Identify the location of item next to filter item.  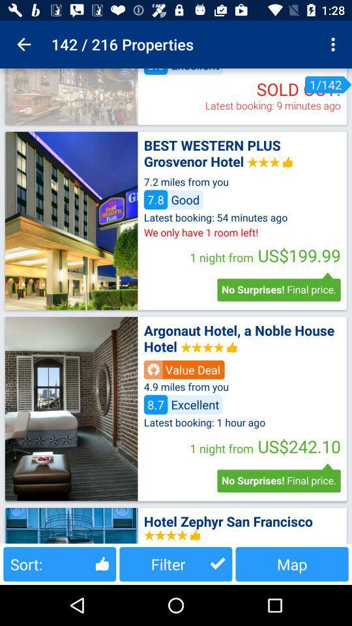
(59, 563).